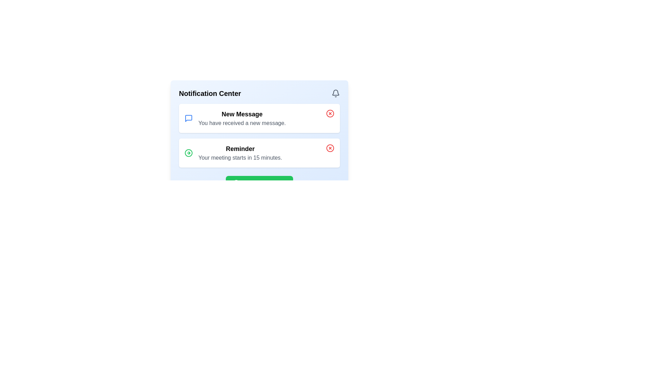 This screenshot has width=666, height=374. I want to click on the second notification in the 'Notification Center', so click(240, 153).